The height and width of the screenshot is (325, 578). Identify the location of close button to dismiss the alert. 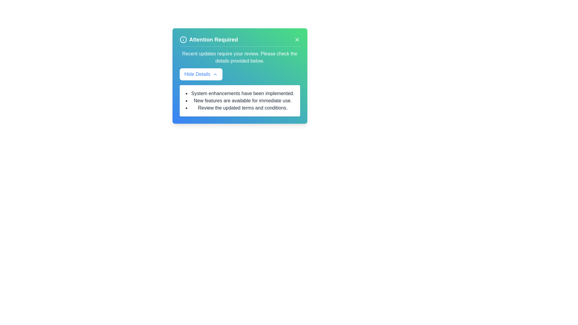
(297, 39).